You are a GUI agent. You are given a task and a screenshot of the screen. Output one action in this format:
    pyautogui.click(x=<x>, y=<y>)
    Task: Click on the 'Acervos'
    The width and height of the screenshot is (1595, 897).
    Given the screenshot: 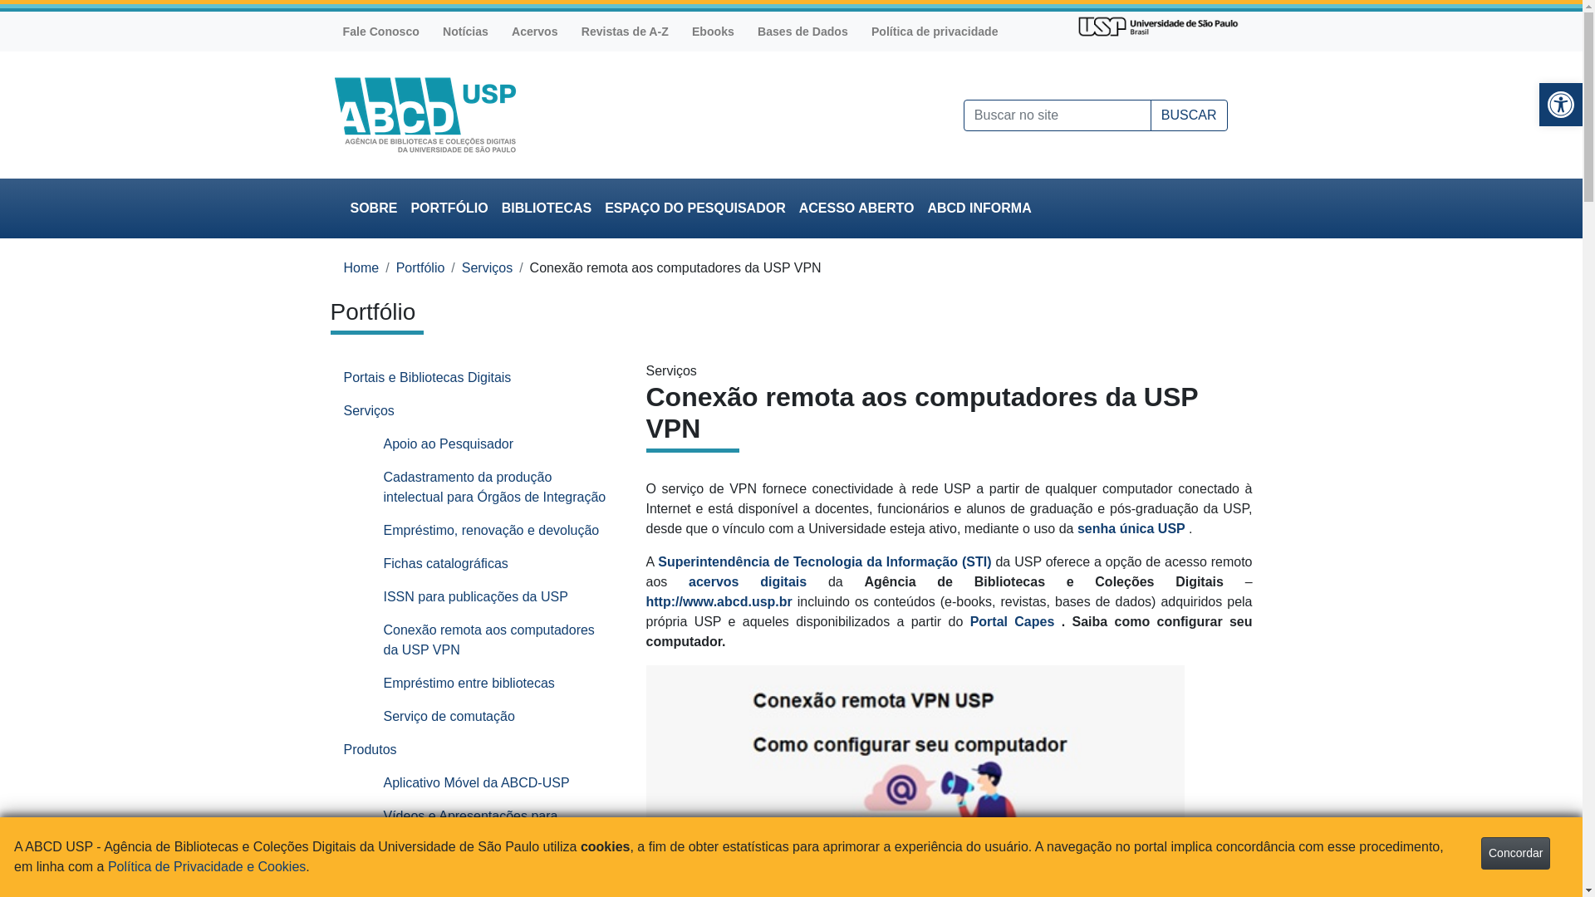 What is the action you would take?
    pyautogui.click(x=534, y=32)
    